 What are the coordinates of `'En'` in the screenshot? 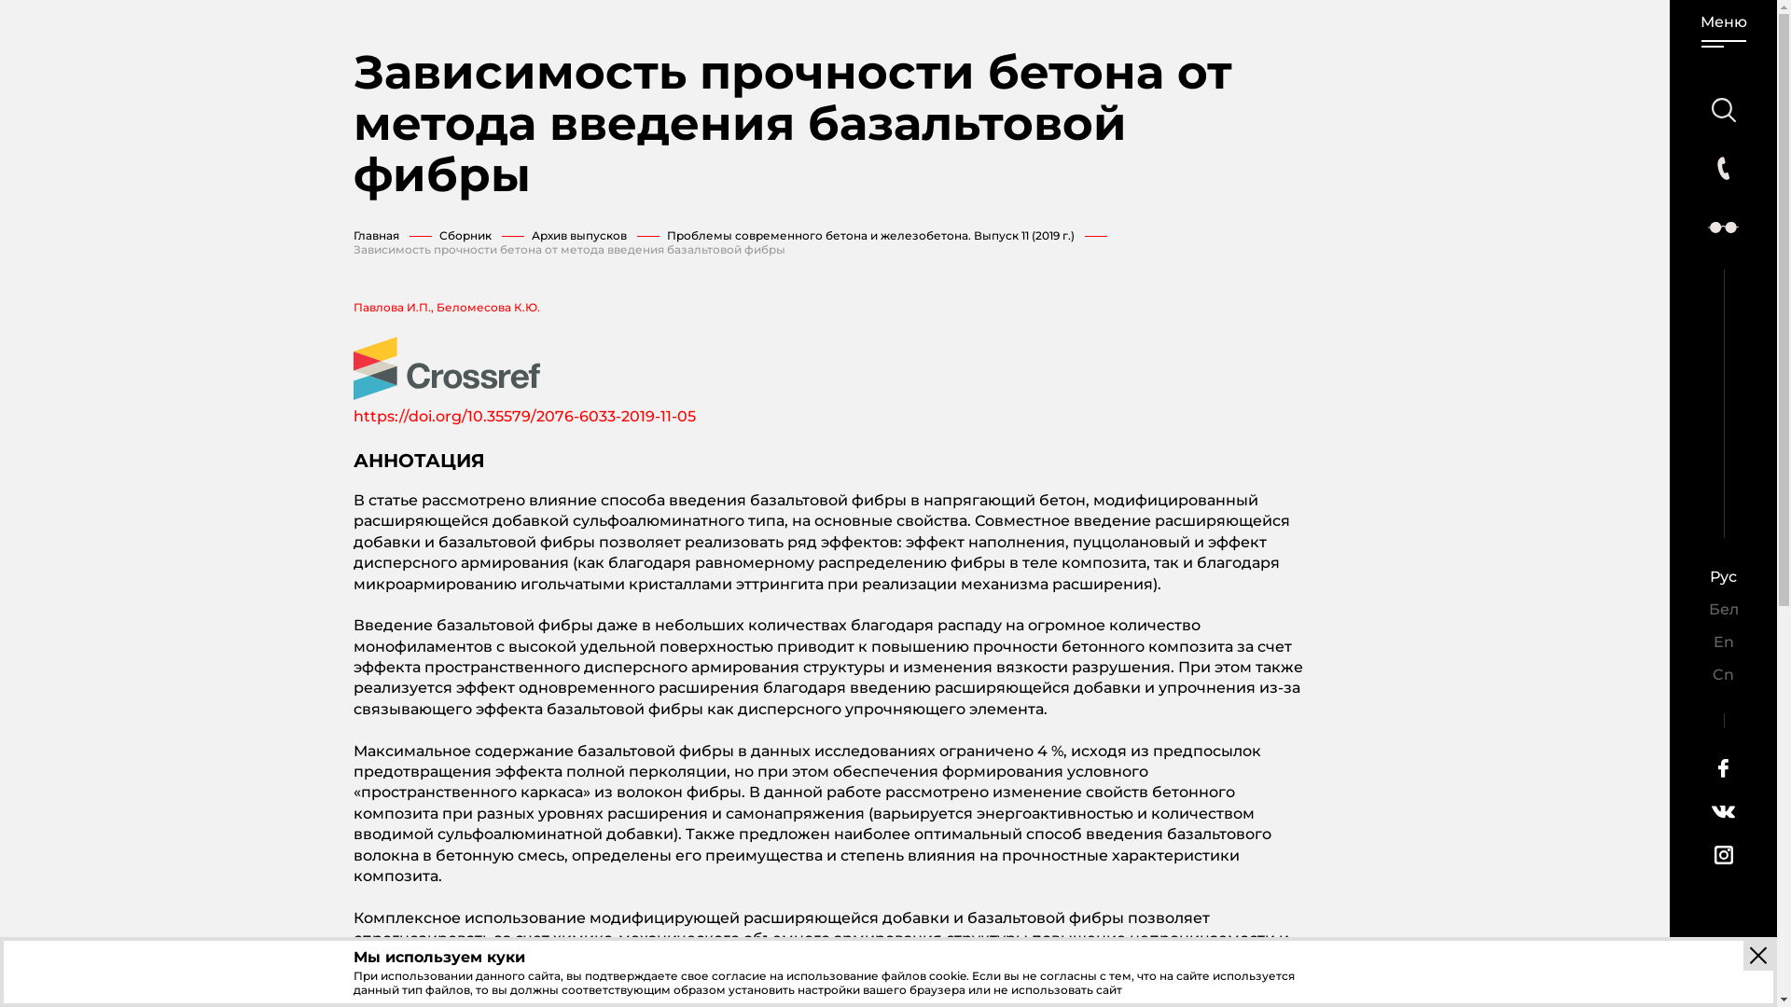 It's located at (1722, 641).